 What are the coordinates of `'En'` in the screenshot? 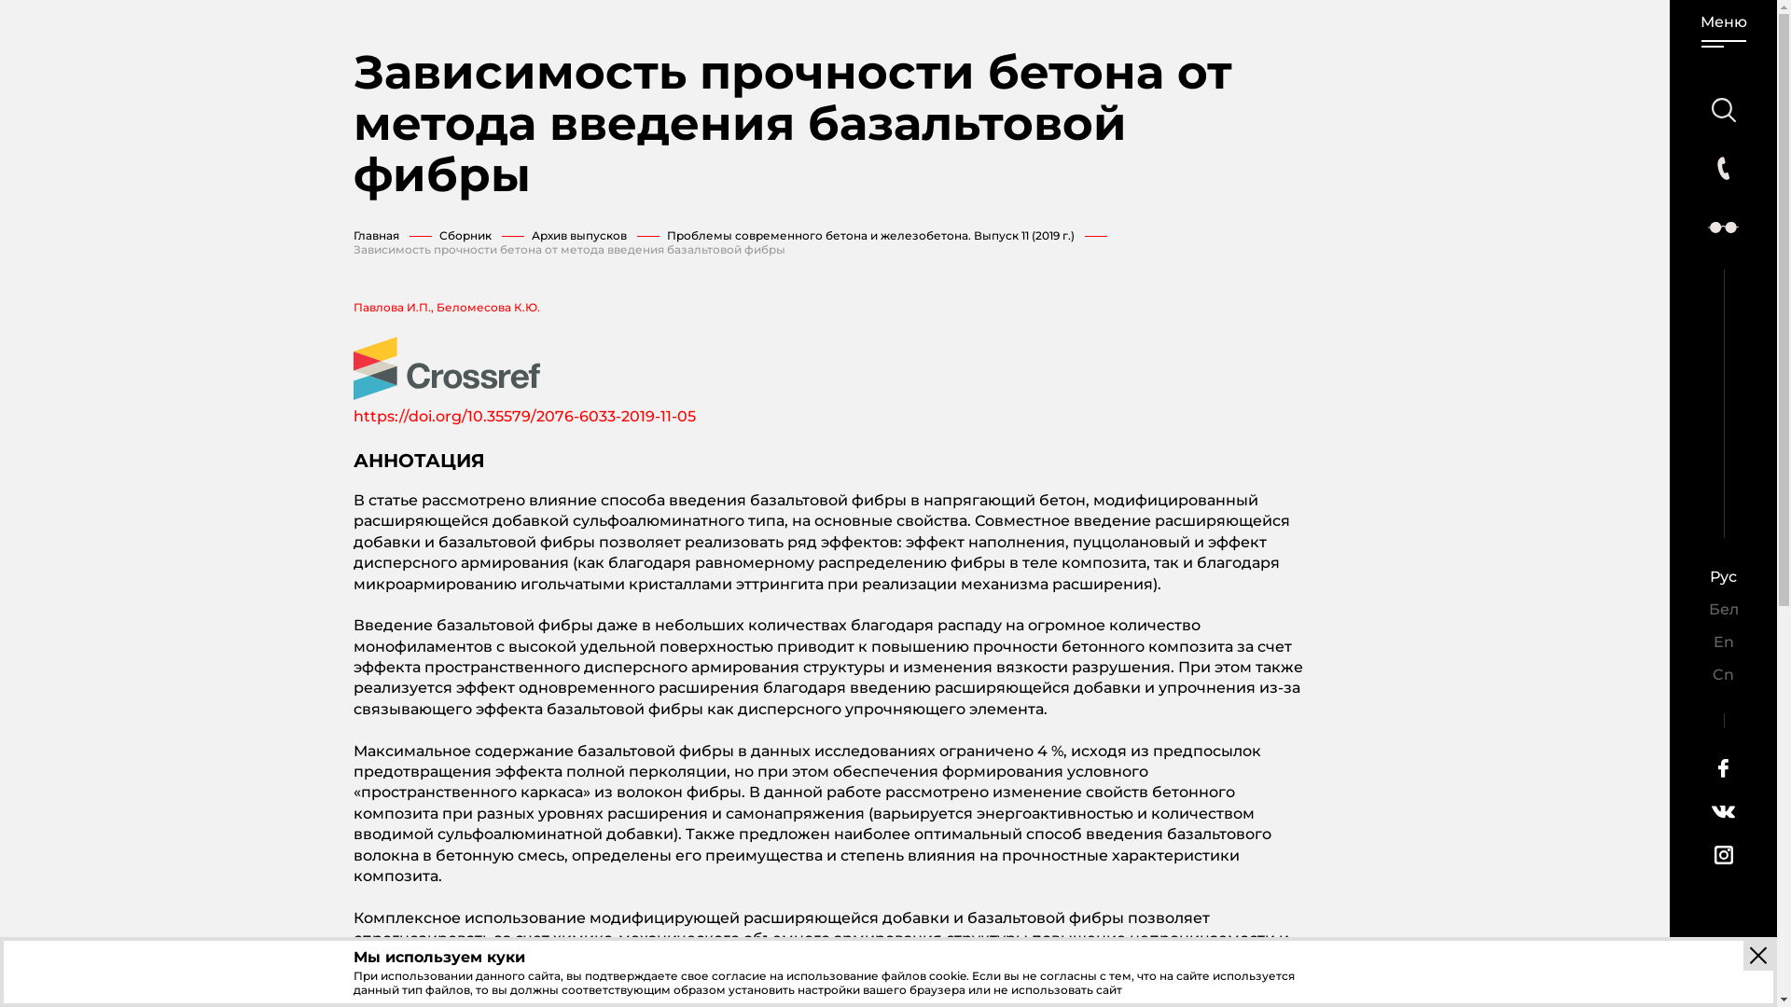 It's located at (1722, 641).